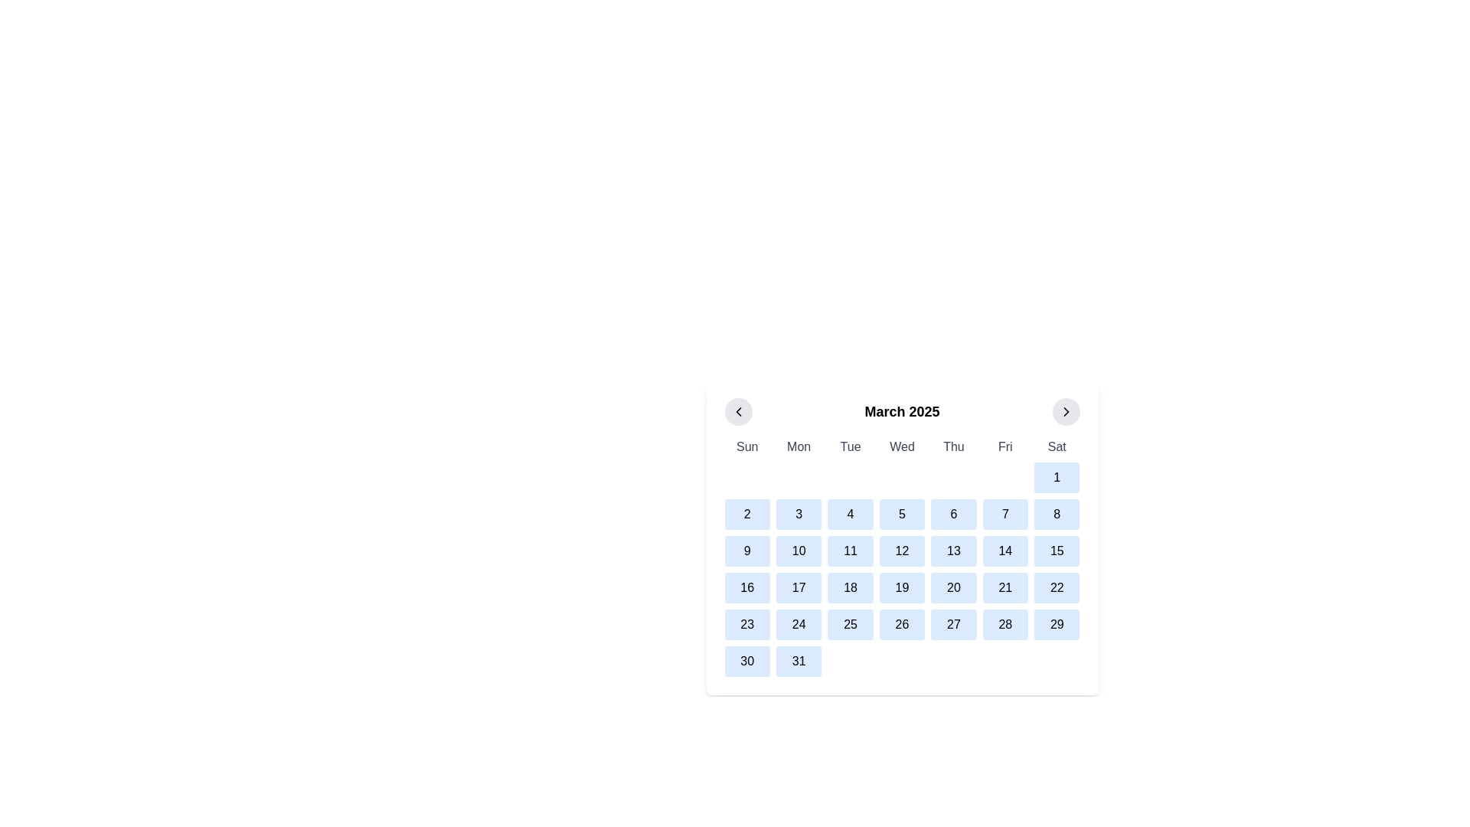 The width and height of the screenshot is (1470, 827). I want to click on the date button representing the 28th of the month in the calendar view, so click(1005, 625).